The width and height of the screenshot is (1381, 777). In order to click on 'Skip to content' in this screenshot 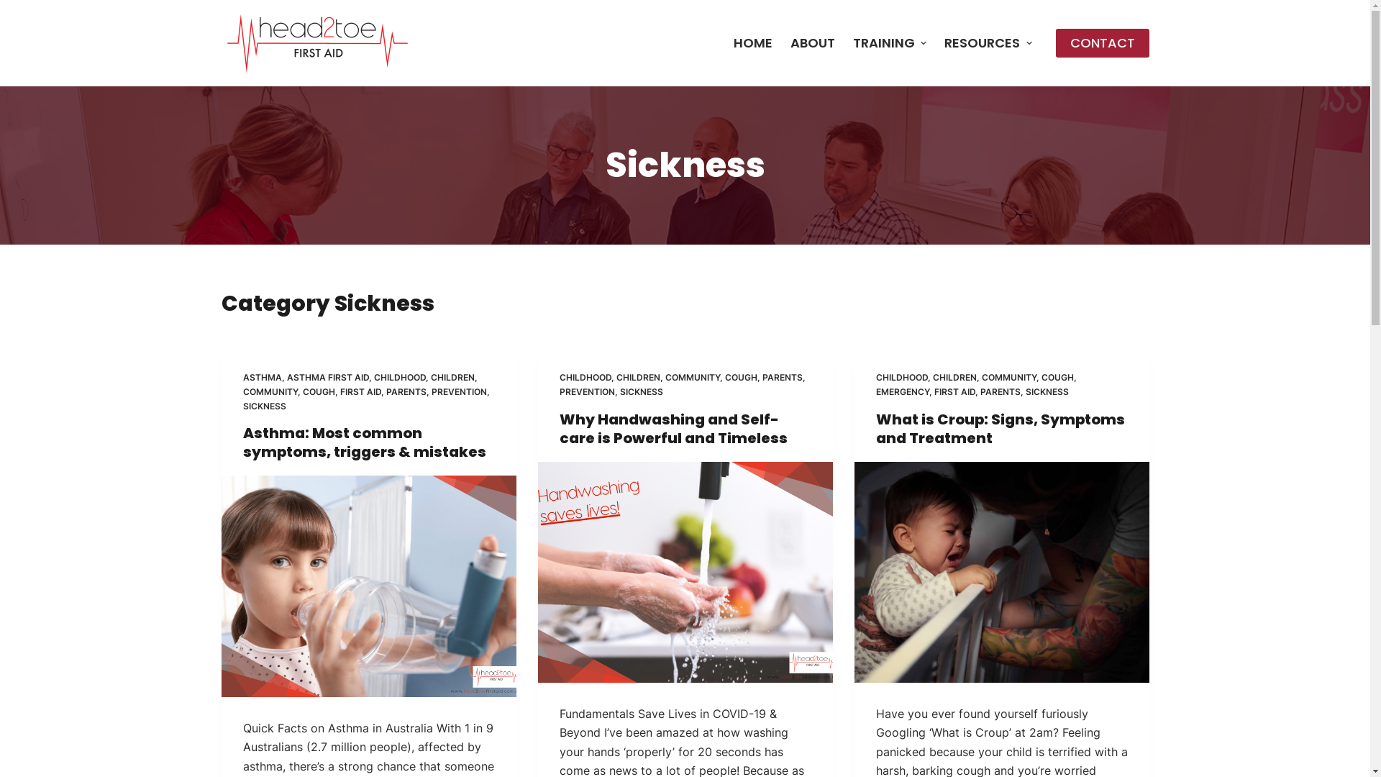, I will do `click(0, 7)`.